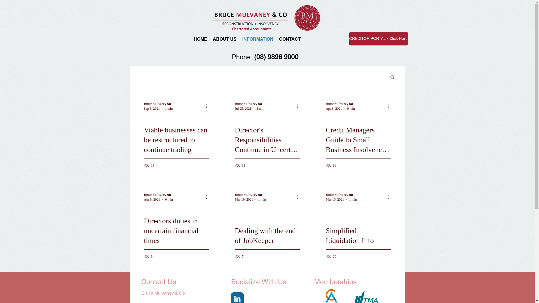  Describe the element at coordinates (358, 146) in the screenshot. I see `'Credit Managers Guide to Small Business Insolvency Reforms'` at that location.